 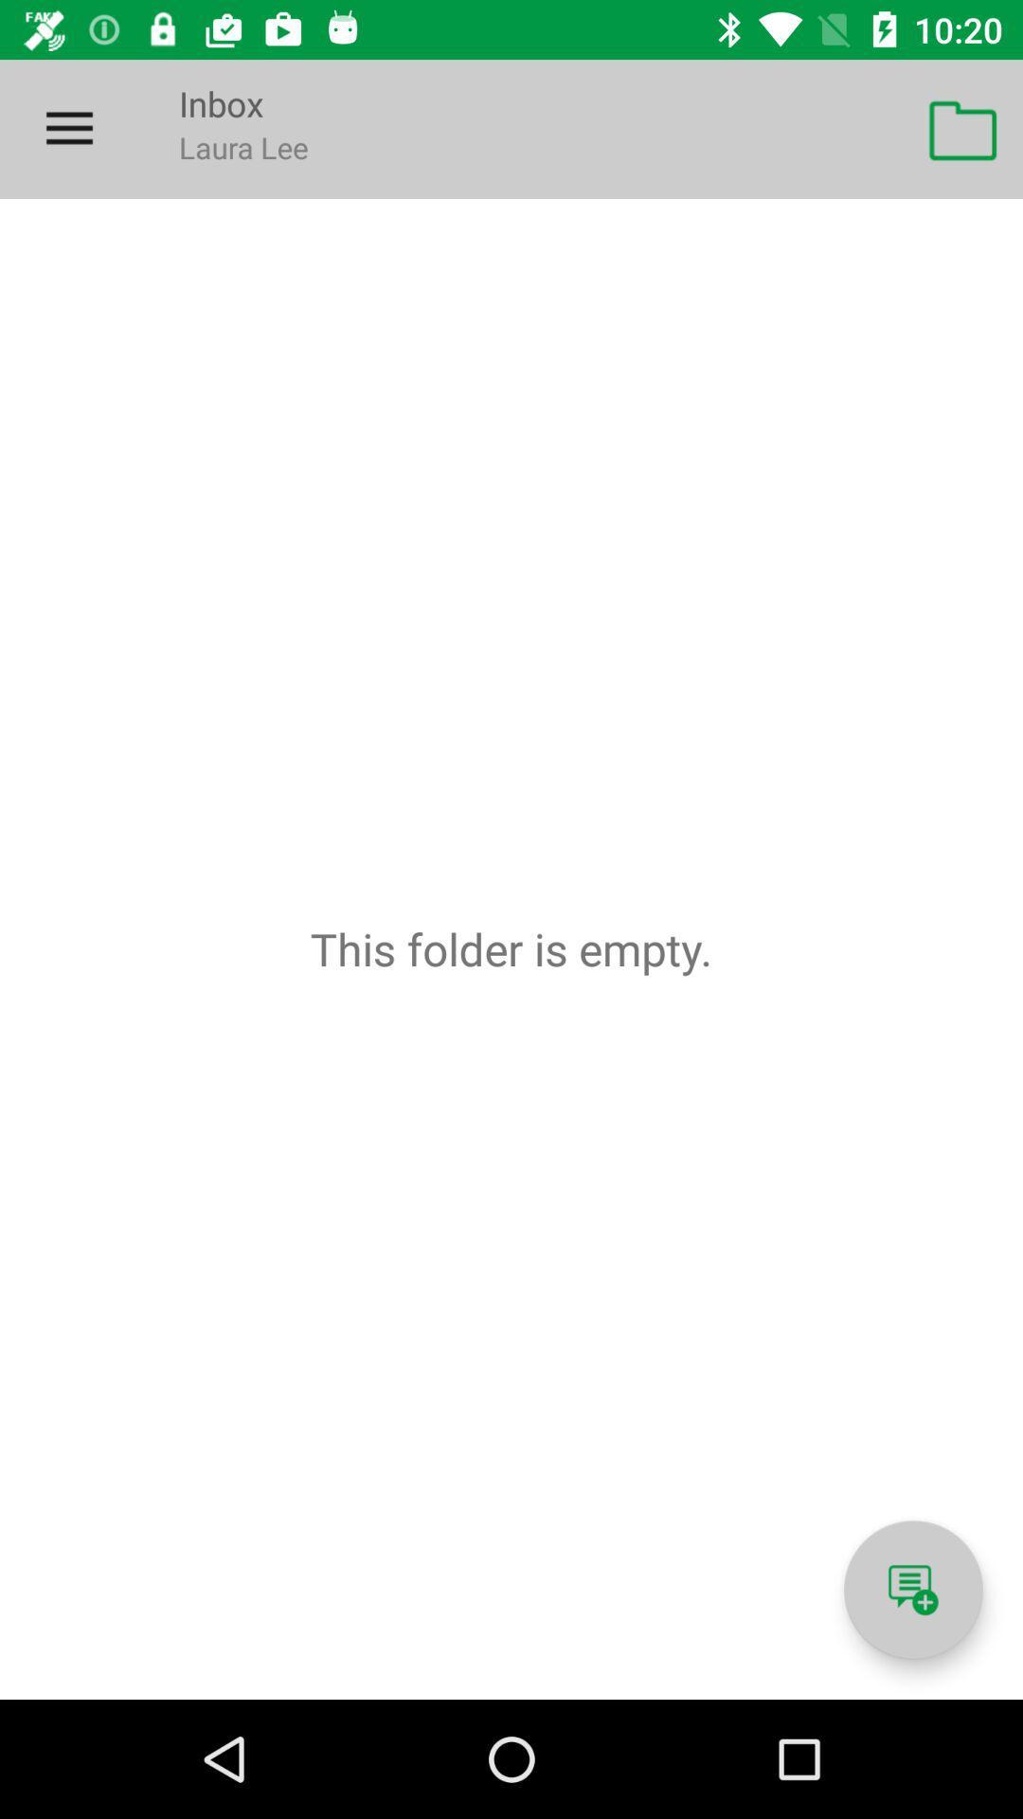 What do you see at coordinates (912, 1590) in the screenshot?
I see `comment` at bounding box center [912, 1590].